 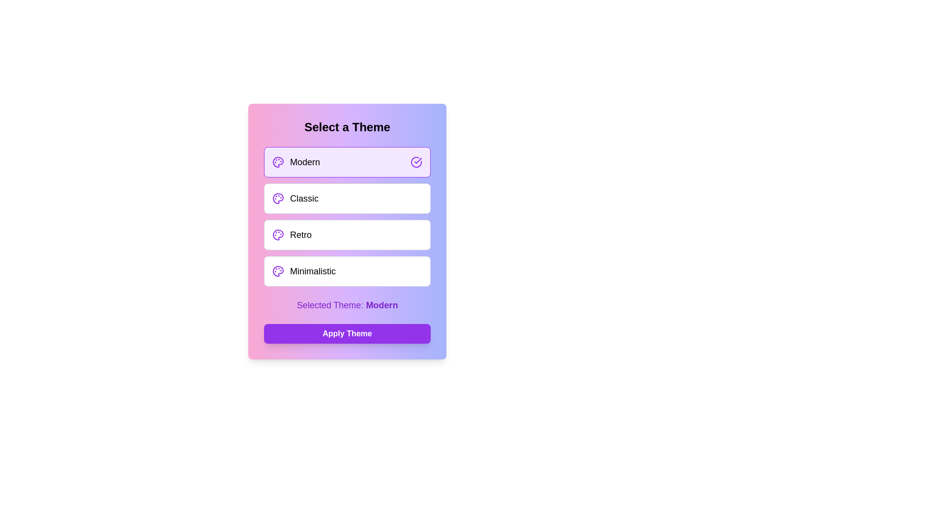 What do you see at coordinates (347, 126) in the screenshot?
I see `the heading text that describes the purpose of the interface for selecting a theme, which is located at the top of a card-like component centered on the page` at bounding box center [347, 126].